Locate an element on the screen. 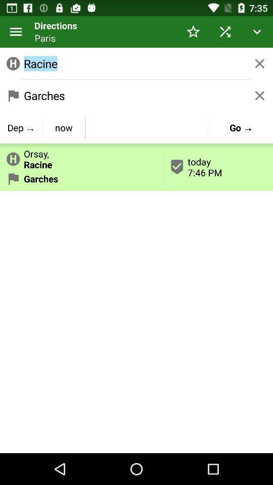 The width and height of the screenshot is (273, 485). item below garches icon is located at coordinates (21, 127).